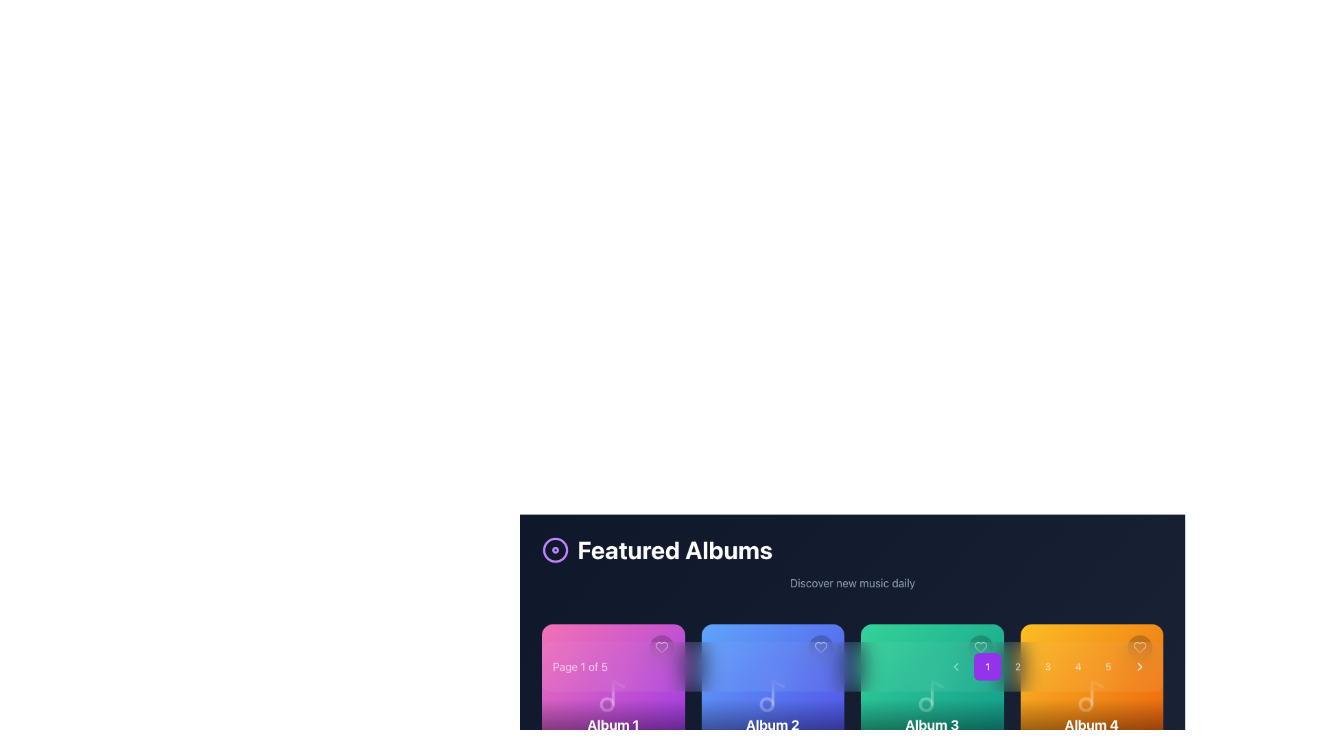 The image size is (1317, 741). Describe the element at coordinates (852, 583) in the screenshot. I see `the subtitle text label that provides context for the 'Featured Albums' section, located below the heading and aligned to the right side of the page` at that location.